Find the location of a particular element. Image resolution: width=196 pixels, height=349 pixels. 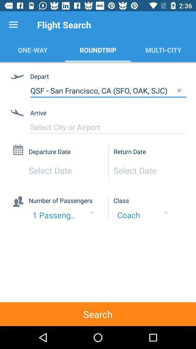

input city or airport for arrival is located at coordinates (108, 127).